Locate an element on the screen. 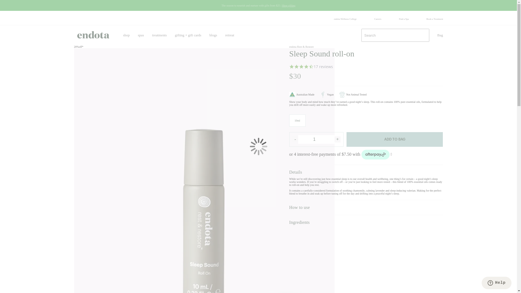 Image resolution: width=521 pixels, height=293 pixels. '+' is located at coordinates (337, 139).